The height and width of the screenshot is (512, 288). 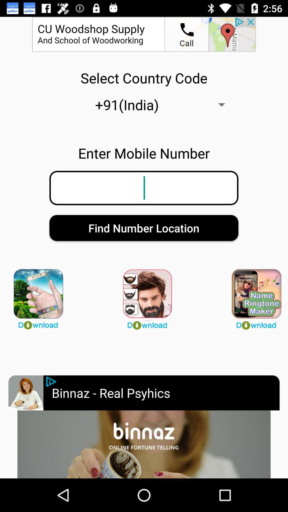 What do you see at coordinates (51, 381) in the screenshot?
I see `advertisement` at bounding box center [51, 381].